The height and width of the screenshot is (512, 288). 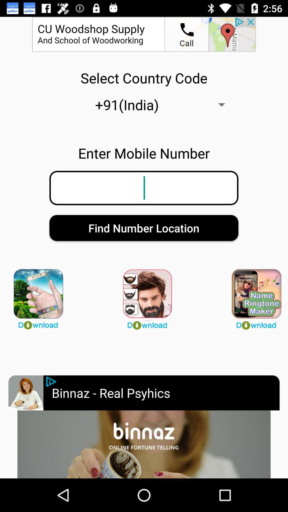 What do you see at coordinates (51, 381) in the screenshot?
I see `advertisement` at bounding box center [51, 381].